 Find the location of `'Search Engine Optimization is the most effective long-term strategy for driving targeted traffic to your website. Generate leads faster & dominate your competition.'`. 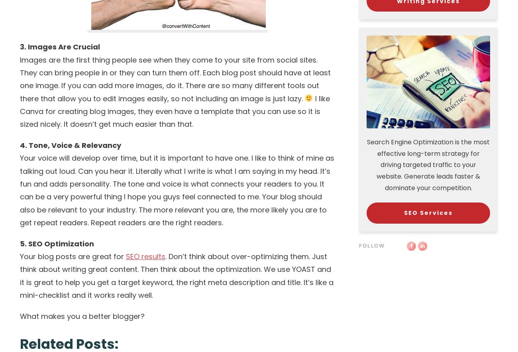

'Search Engine Optimization is the most effective long-term strategy for driving targeted traffic to your website. Generate leads faster & dominate your competition.' is located at coordinates (428, 164).